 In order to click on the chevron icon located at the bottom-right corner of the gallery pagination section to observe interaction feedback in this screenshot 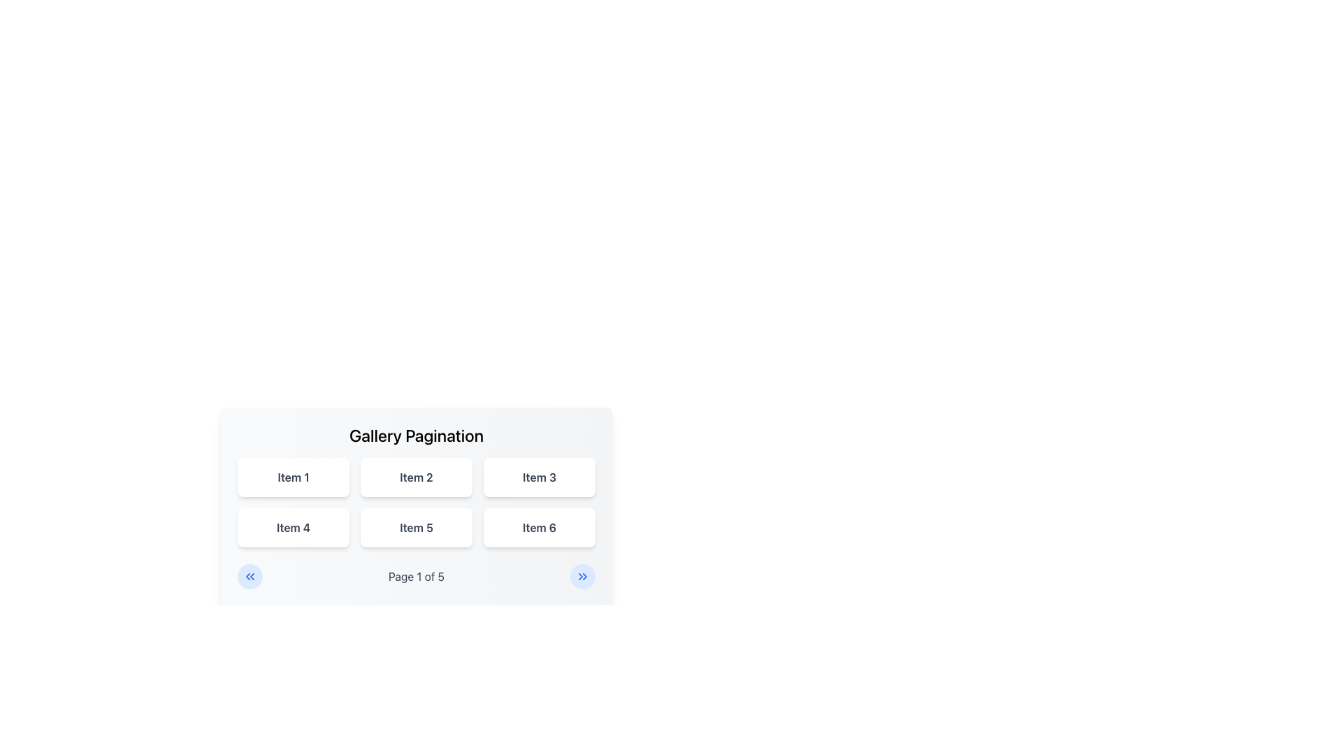, I will do `click(583, 577)`.